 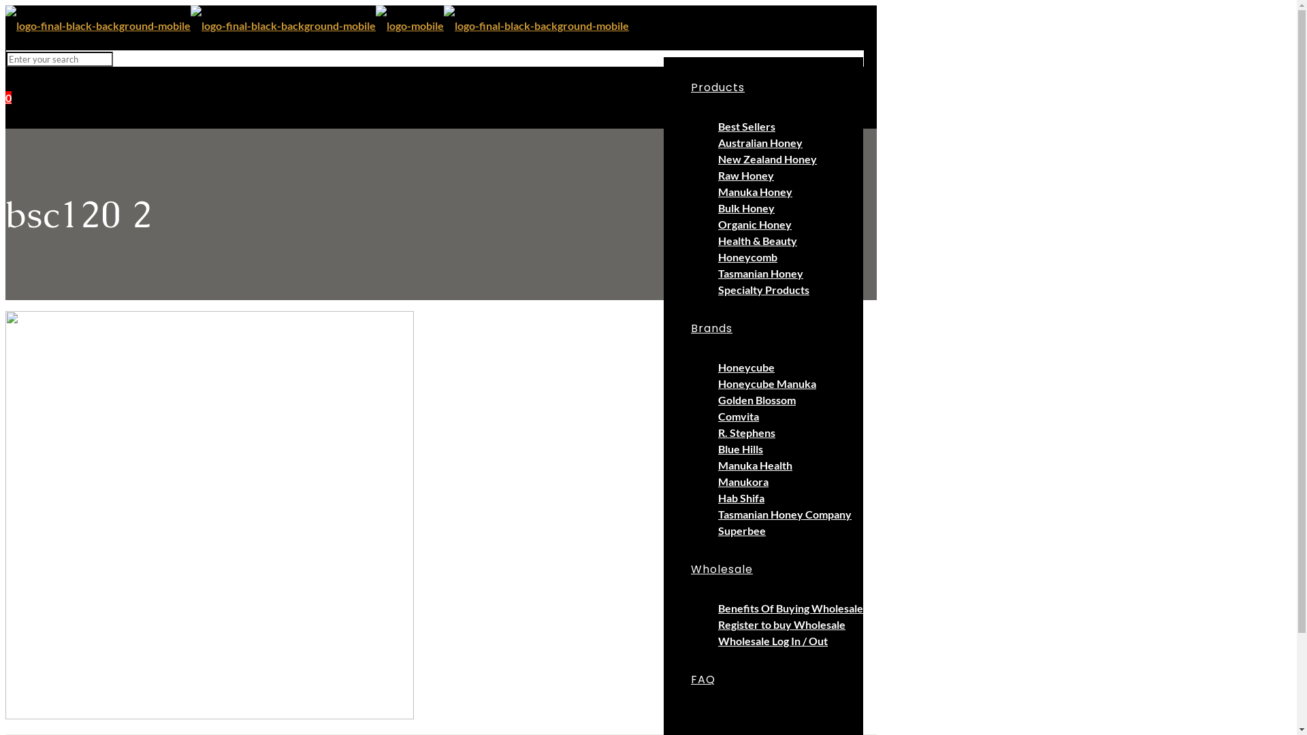 I want to click on 'Honeycube', so click(x=745, y=366).